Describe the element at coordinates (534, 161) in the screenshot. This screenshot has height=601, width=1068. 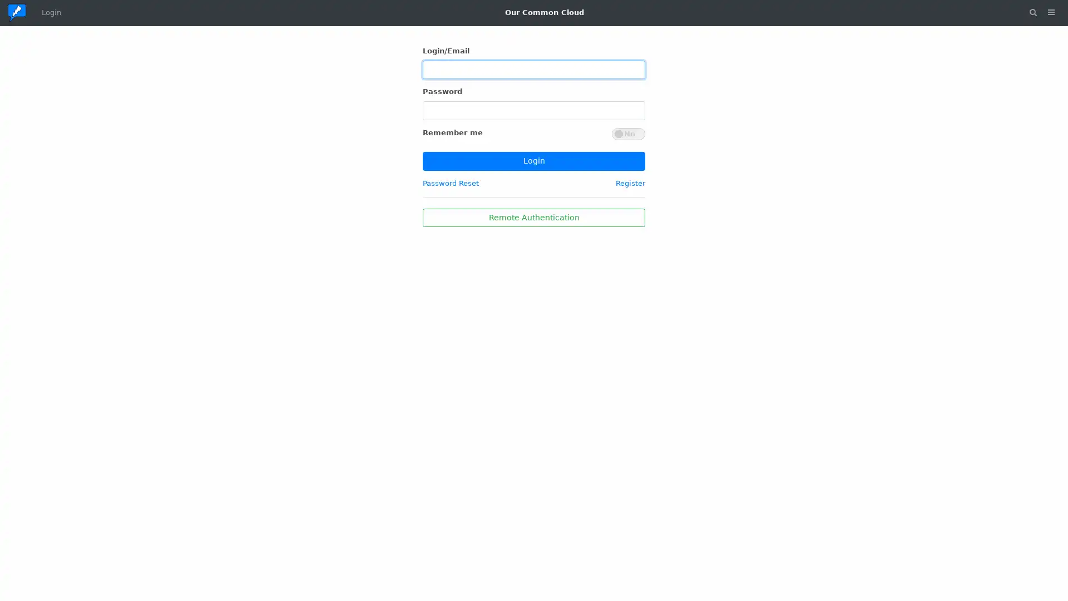
I see `Login` at that location.